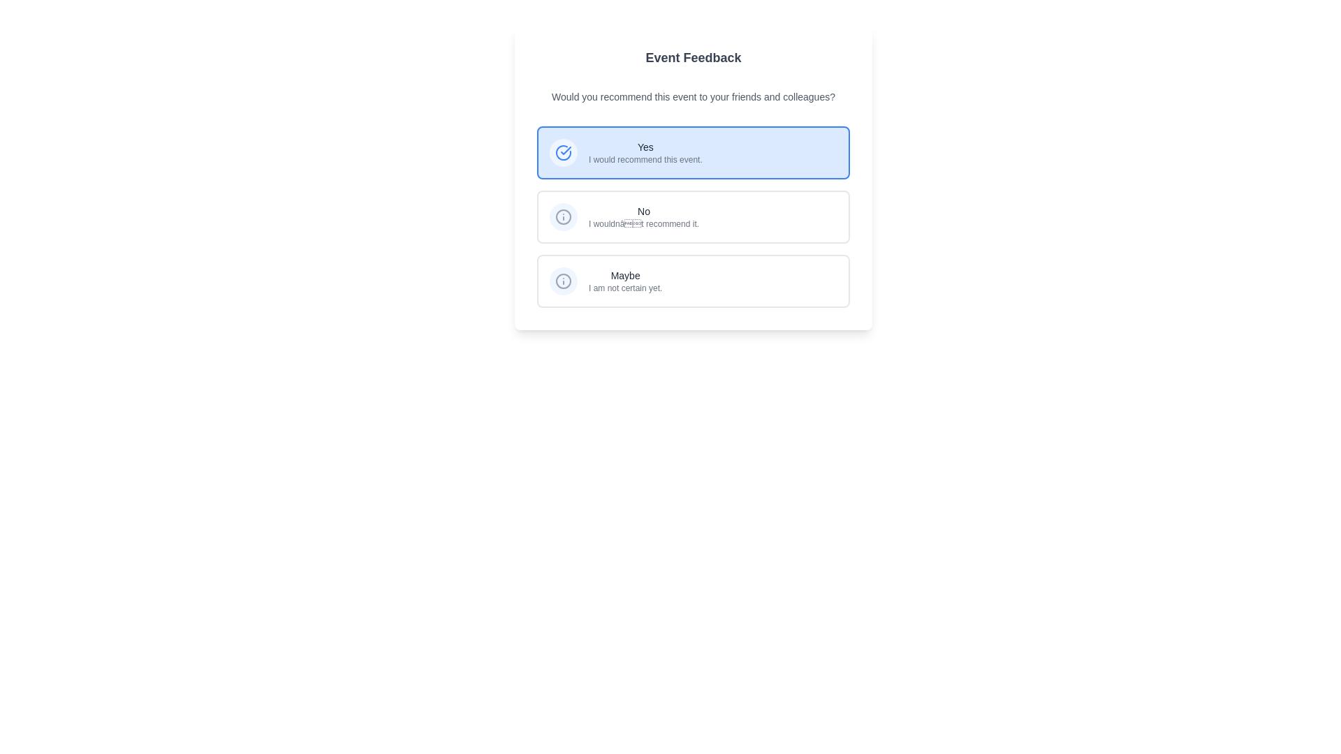 This screenshot has width=1341, height=754. I want to click on the third selectable option box in the vertical list of feedback options, so click(694, 281).